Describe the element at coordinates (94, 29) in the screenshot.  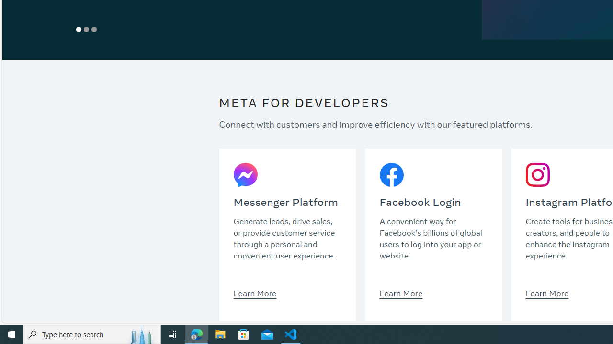
I see `'Show Slide 3'` at that location.